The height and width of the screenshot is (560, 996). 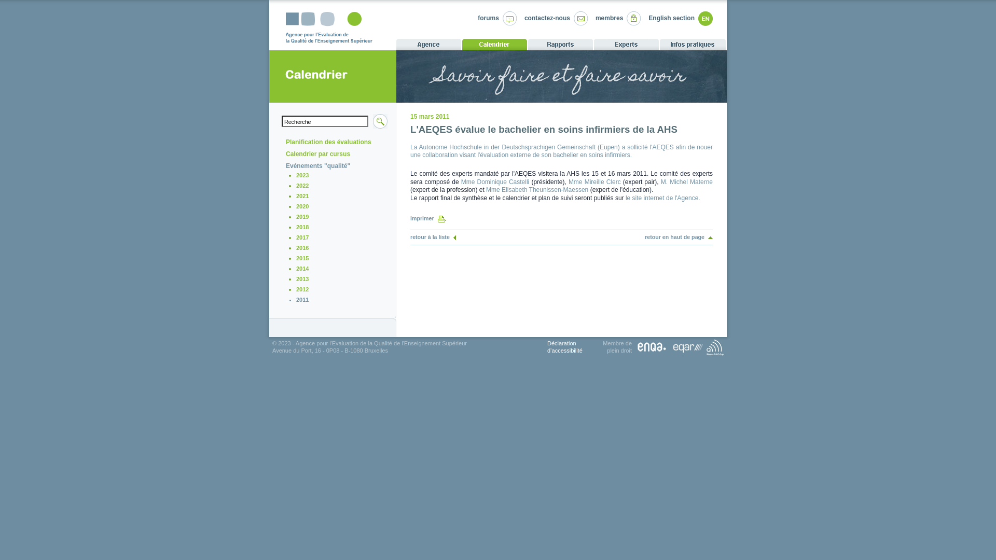 I want to click on 'Mme Dominique Castelli', so click(x=495, y=181).